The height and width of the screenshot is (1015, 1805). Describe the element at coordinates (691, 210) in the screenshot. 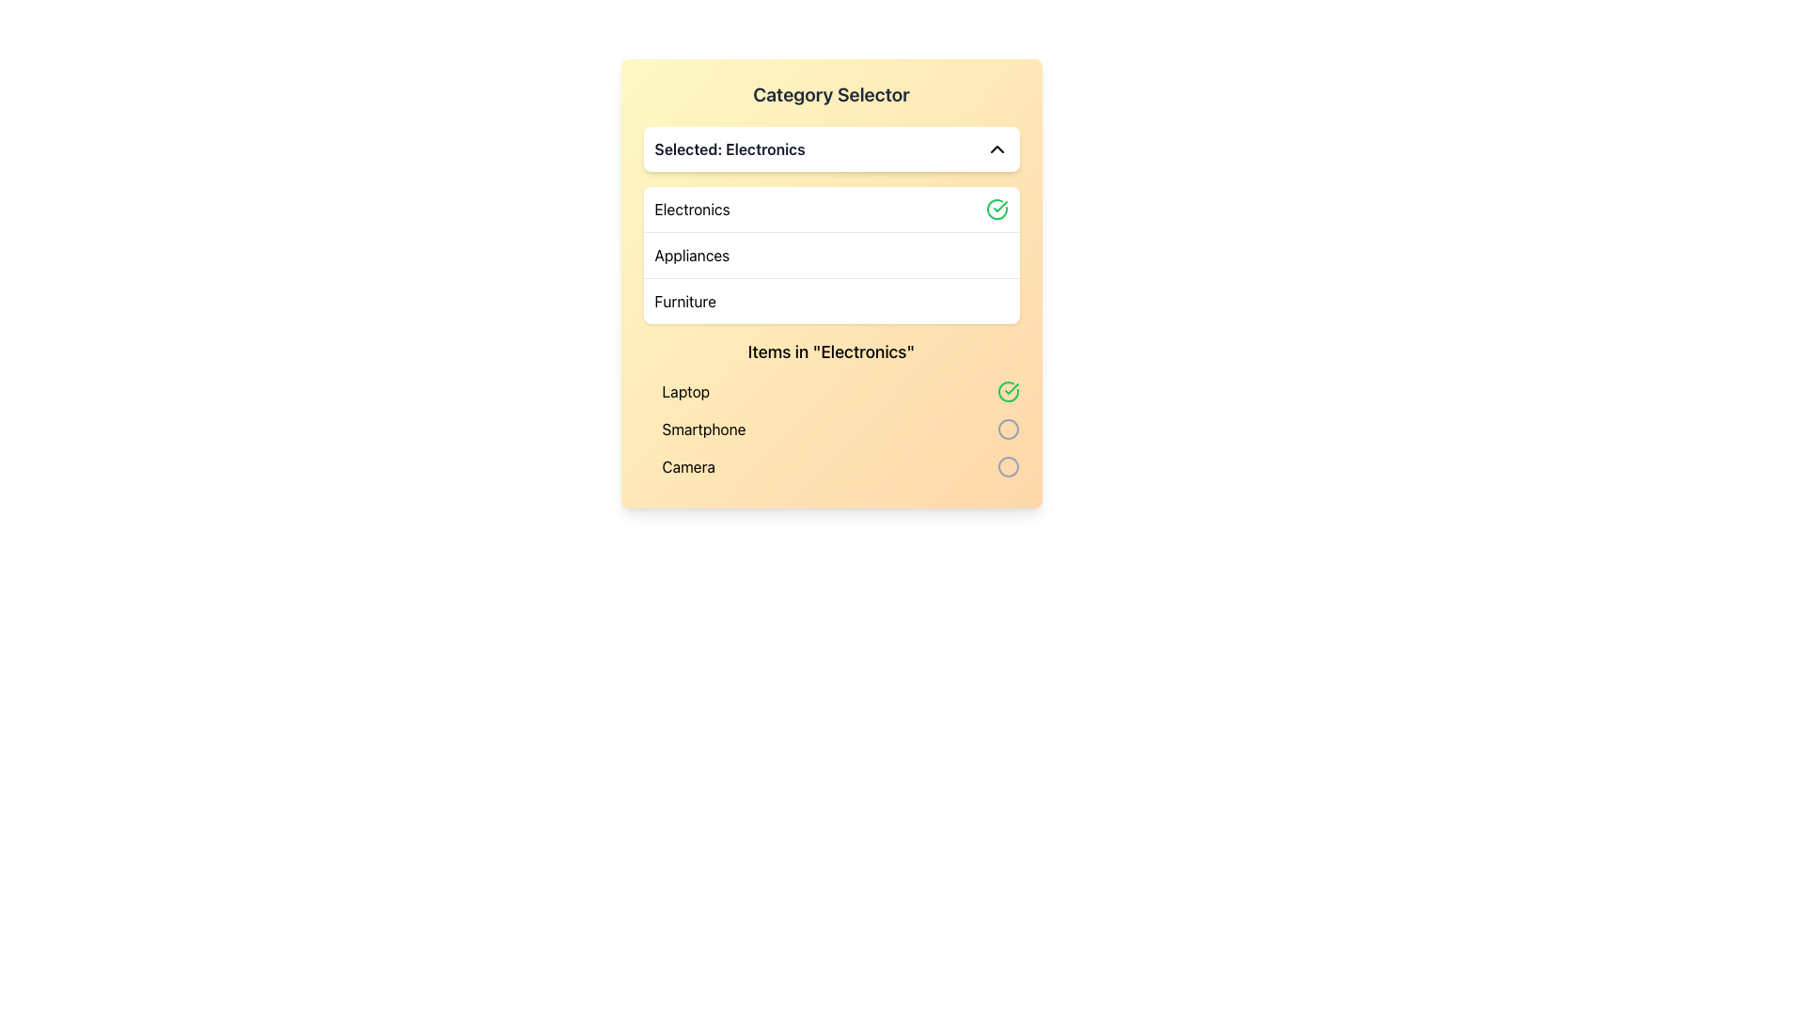

I see `the 'Electronics' text label in the Category Selector dropdown` at that location.